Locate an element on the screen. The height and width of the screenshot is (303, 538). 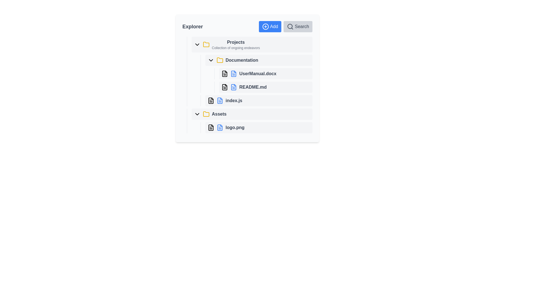
the blue file icon representing 'UserManual.docx' is located at coordinates (234, 73).